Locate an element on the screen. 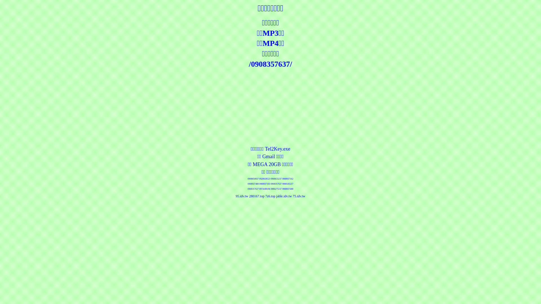 Image resolution: width=541 pixels, height=304 pixels. '0908937183' is located at coordinates (264, 184).